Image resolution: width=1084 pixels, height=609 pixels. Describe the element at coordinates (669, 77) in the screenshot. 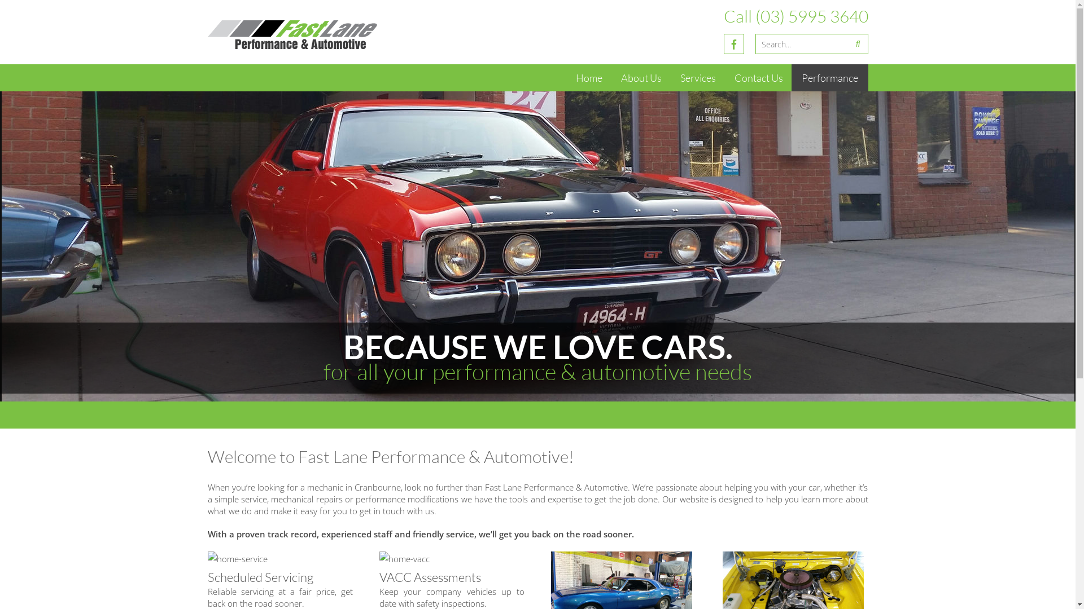

I see `'Services'` at that location.